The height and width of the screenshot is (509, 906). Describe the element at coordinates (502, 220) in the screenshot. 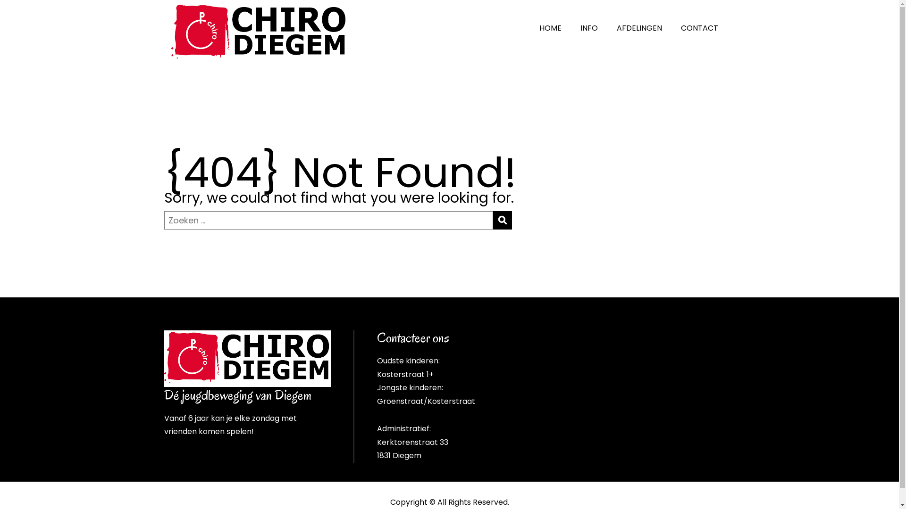

I see `'Search'` at that location.